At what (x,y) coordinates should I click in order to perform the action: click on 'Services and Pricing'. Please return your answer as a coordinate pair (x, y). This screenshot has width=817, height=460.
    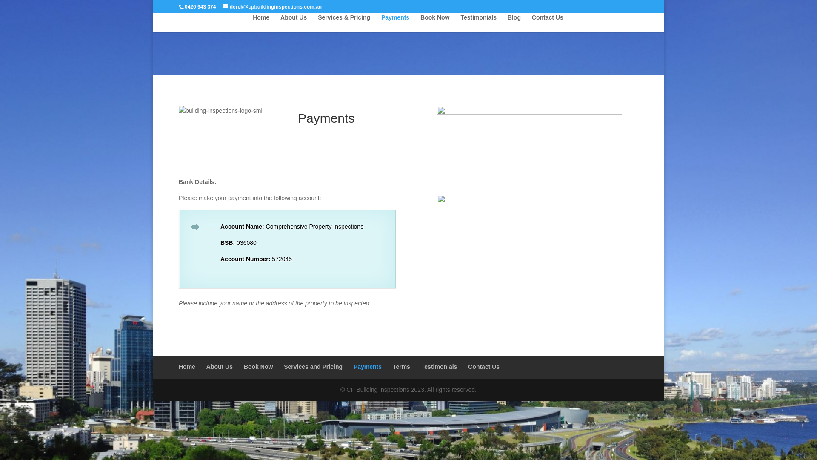
    Looking at the image, I should click on (312, 366).